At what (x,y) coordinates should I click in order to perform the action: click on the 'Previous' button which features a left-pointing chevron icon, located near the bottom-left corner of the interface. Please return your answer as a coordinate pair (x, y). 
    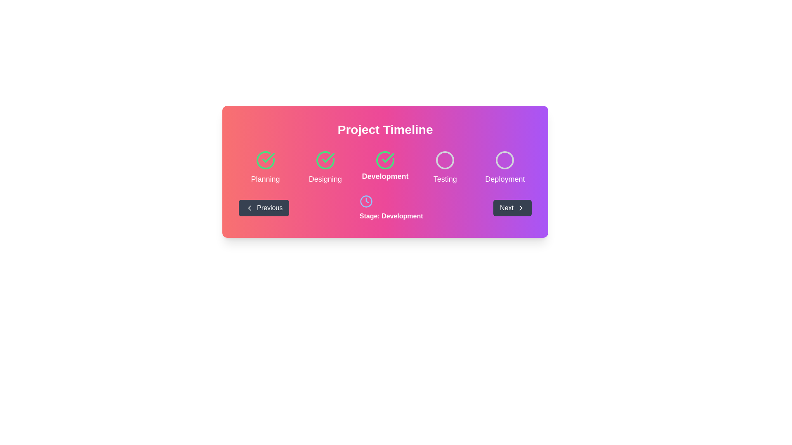
    Looking at the image, I should click on (249, 208).